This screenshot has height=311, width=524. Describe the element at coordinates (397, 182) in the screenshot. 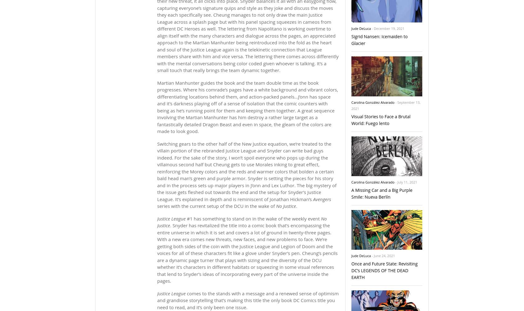

I see `'July 11, 2021'` at that location.